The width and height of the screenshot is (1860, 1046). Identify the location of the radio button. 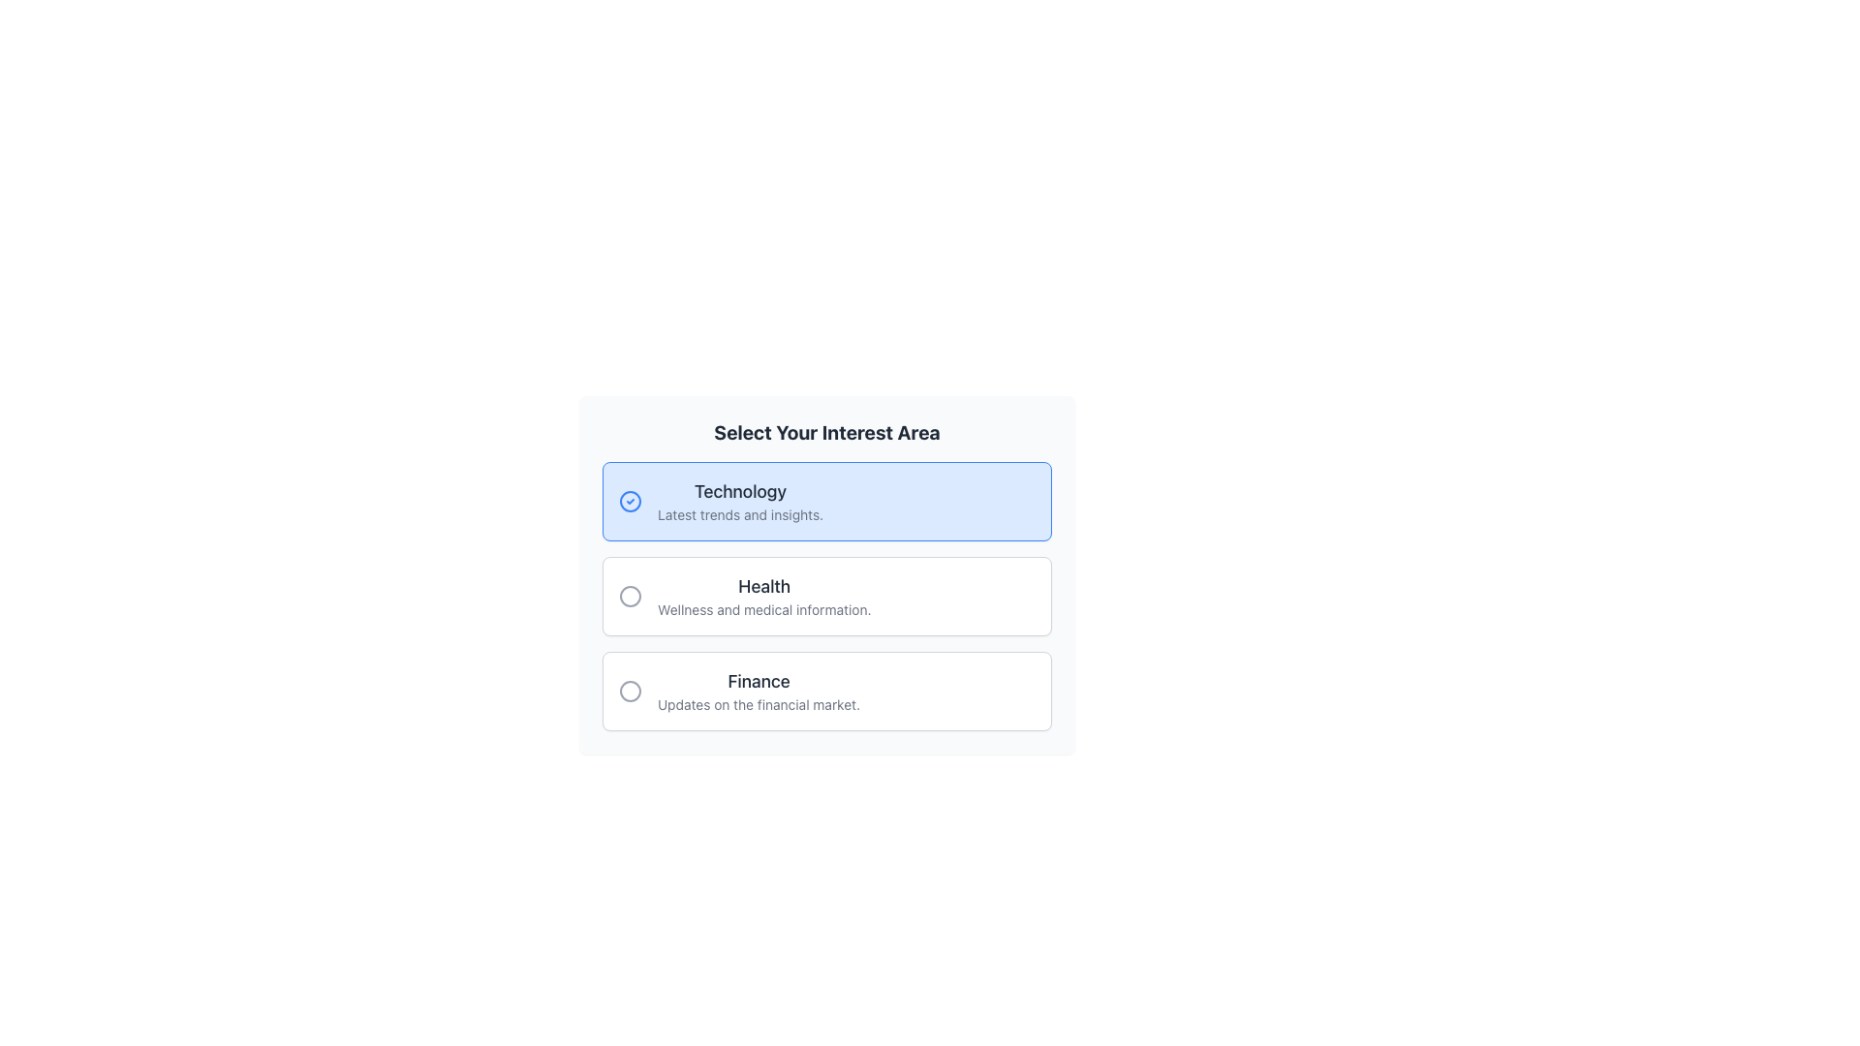
(637, 596).